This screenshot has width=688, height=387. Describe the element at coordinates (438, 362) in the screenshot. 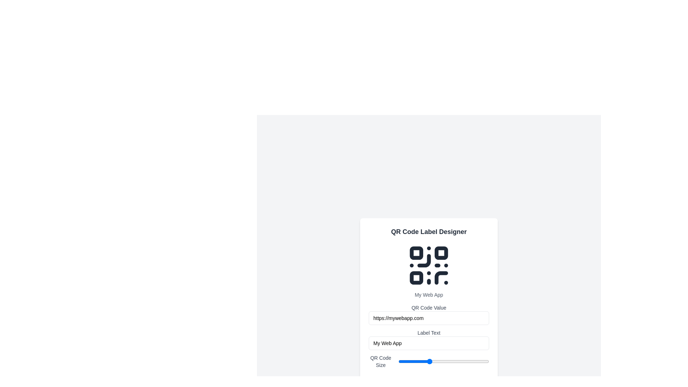

I see `the QR code size` at that location.